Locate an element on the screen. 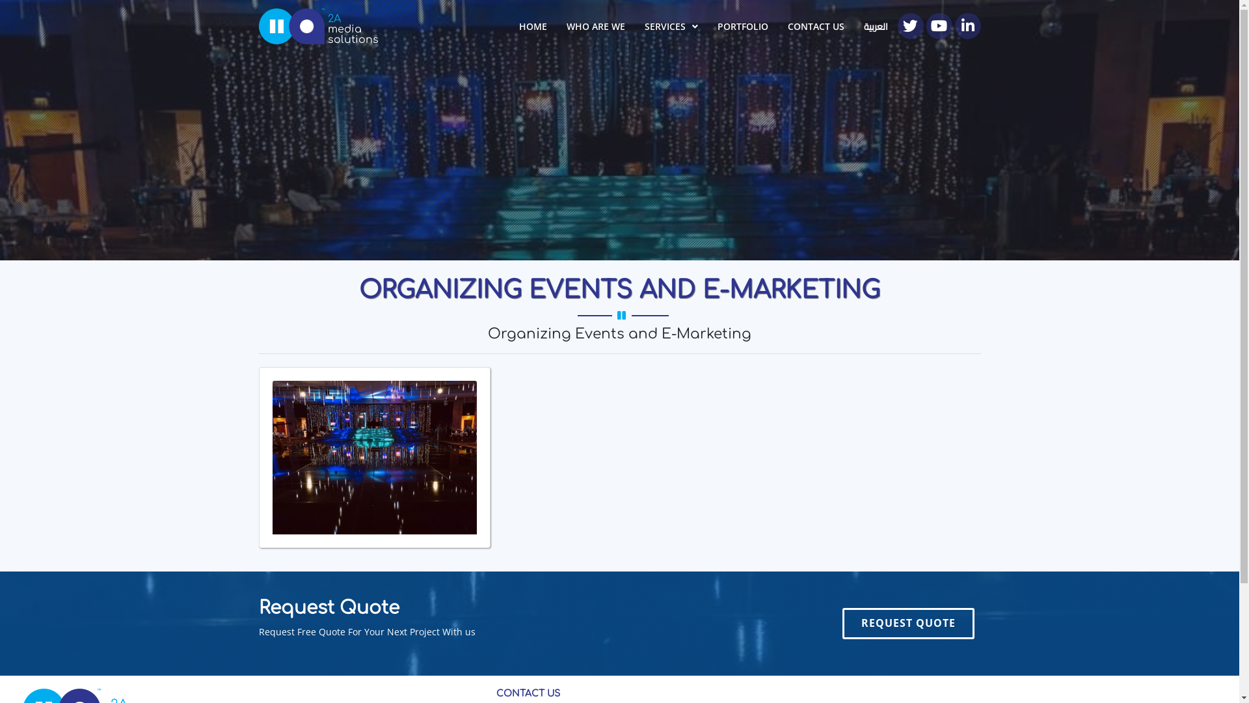  'CONTACT US' is located at coordinates (777, 27).